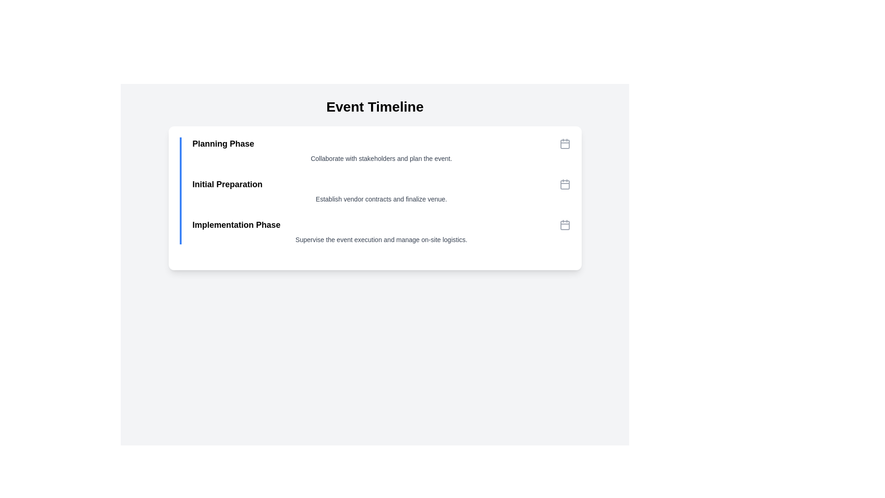  What do you see at coordinates (236, 225) in the screenshot?
I see `the styled text component displaying 'Implementation Phase', which is the last item in a vertical list of phases, positioned below 'Initial Preparation'` at bounding box center [236, 225].